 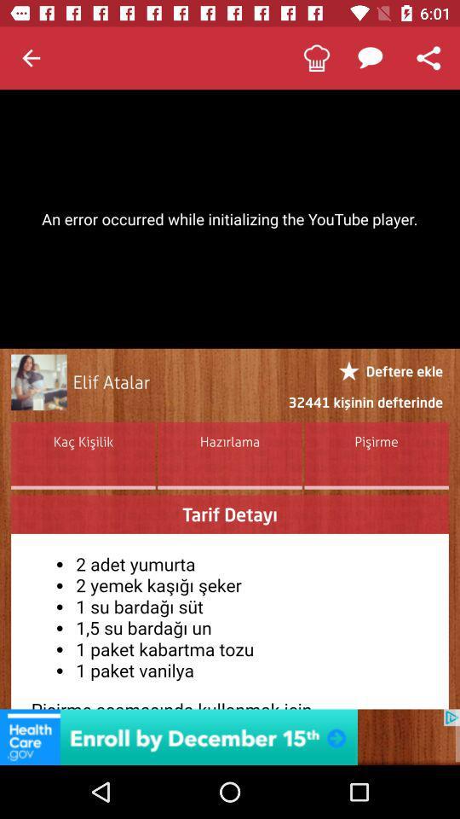 What do you see at coordinates (38, 382) in the screenshot?
I see `photo` at bounding box center [38, 382].